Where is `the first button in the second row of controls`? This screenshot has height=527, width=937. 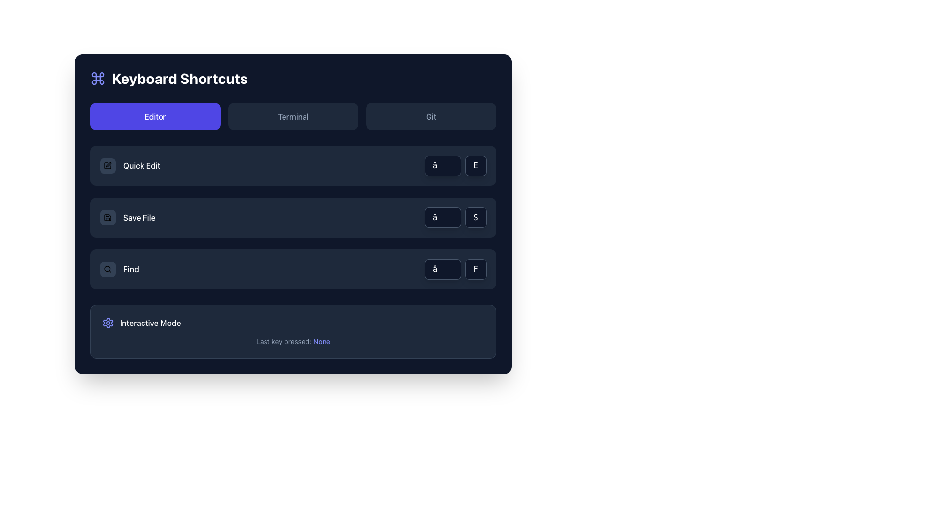
the first button in the second row of controls is located at coordinates (442, 217).